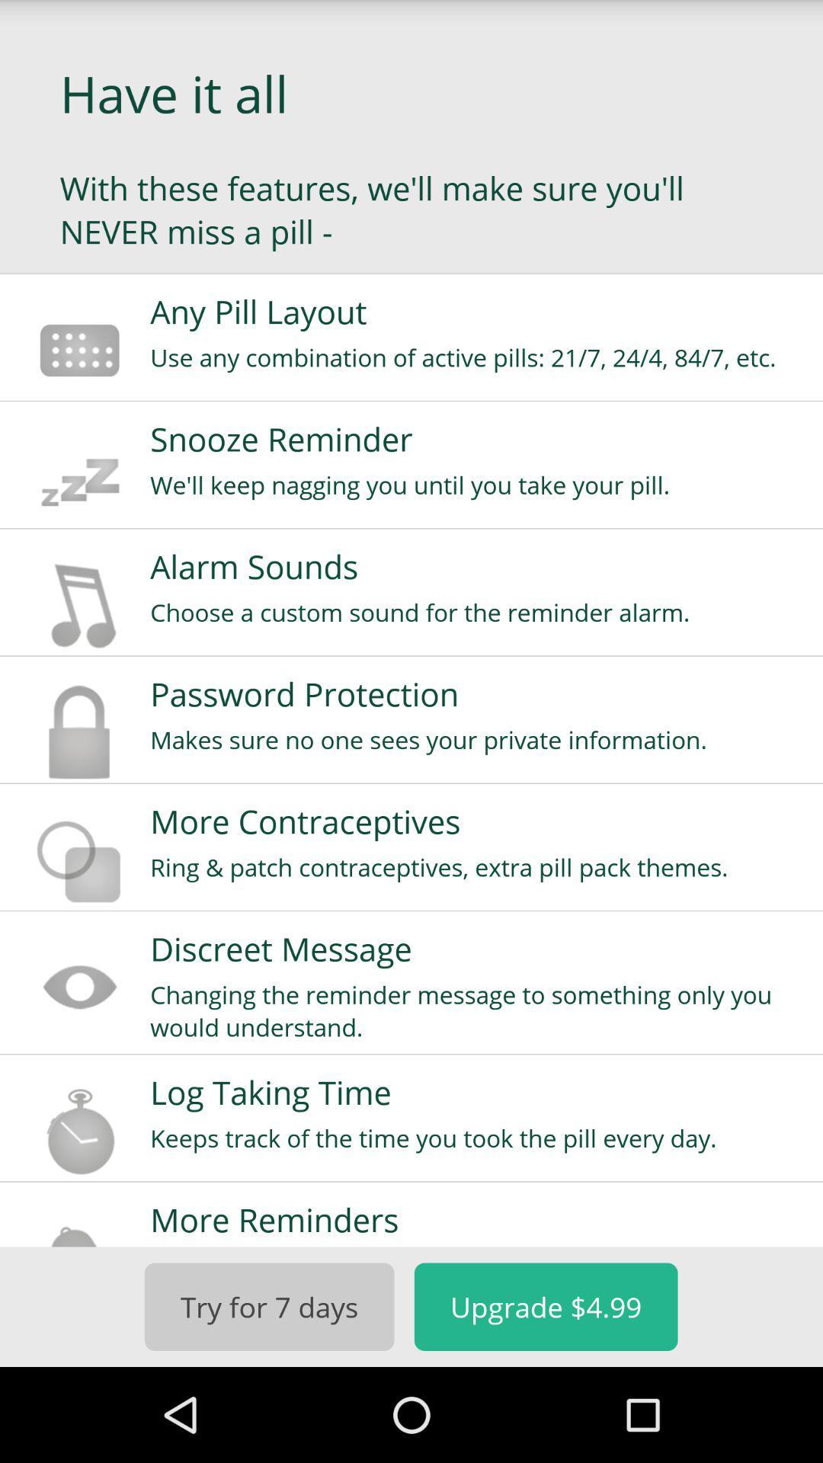  What do you see at coordinates (476, 565) in the screenshot?
I see `alarm sounds icon` at bounding box center [476, 565].